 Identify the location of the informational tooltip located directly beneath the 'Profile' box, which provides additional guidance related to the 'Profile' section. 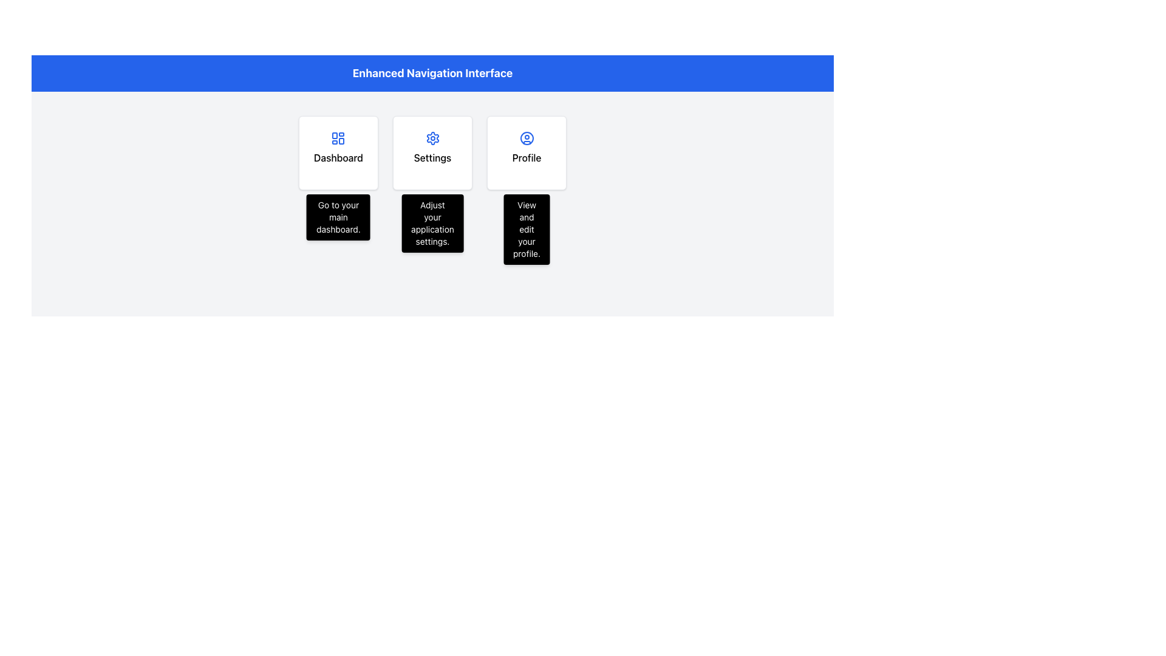
(527, 230).